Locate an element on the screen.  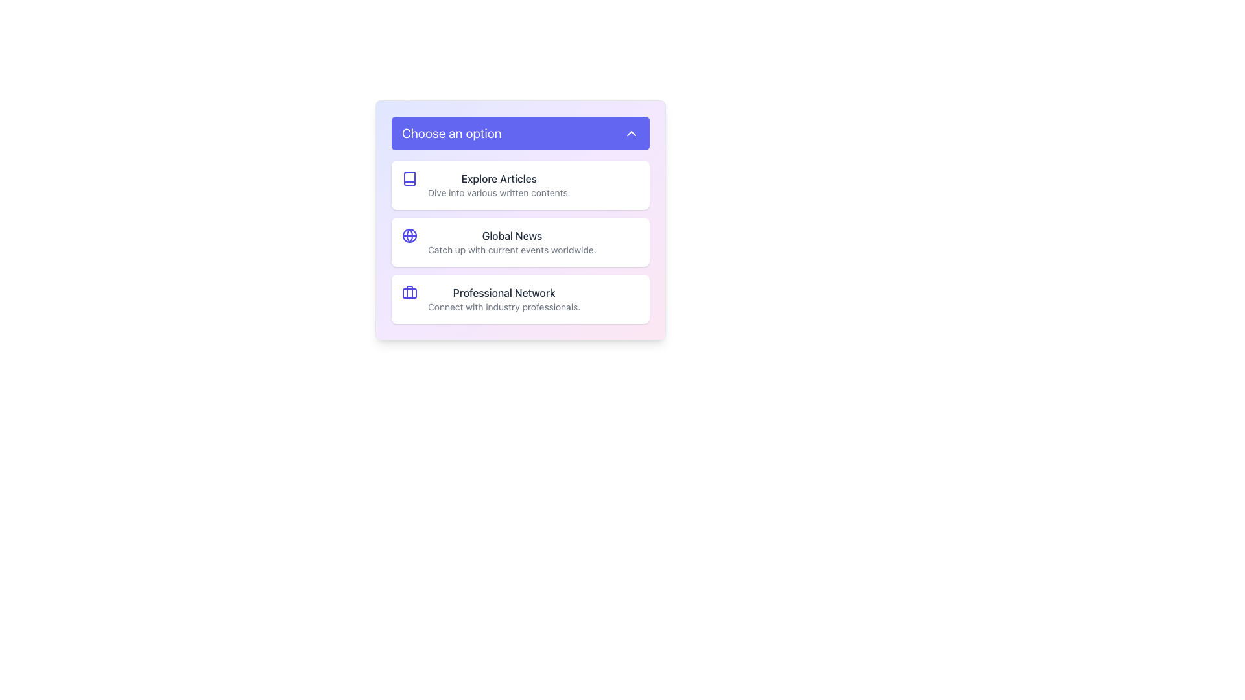
text content of the subtitle 'Dive into various written contents.' located below the title 'Explore Articles' in the upper quadrant of the menu box is located at coordinates (498, 192).